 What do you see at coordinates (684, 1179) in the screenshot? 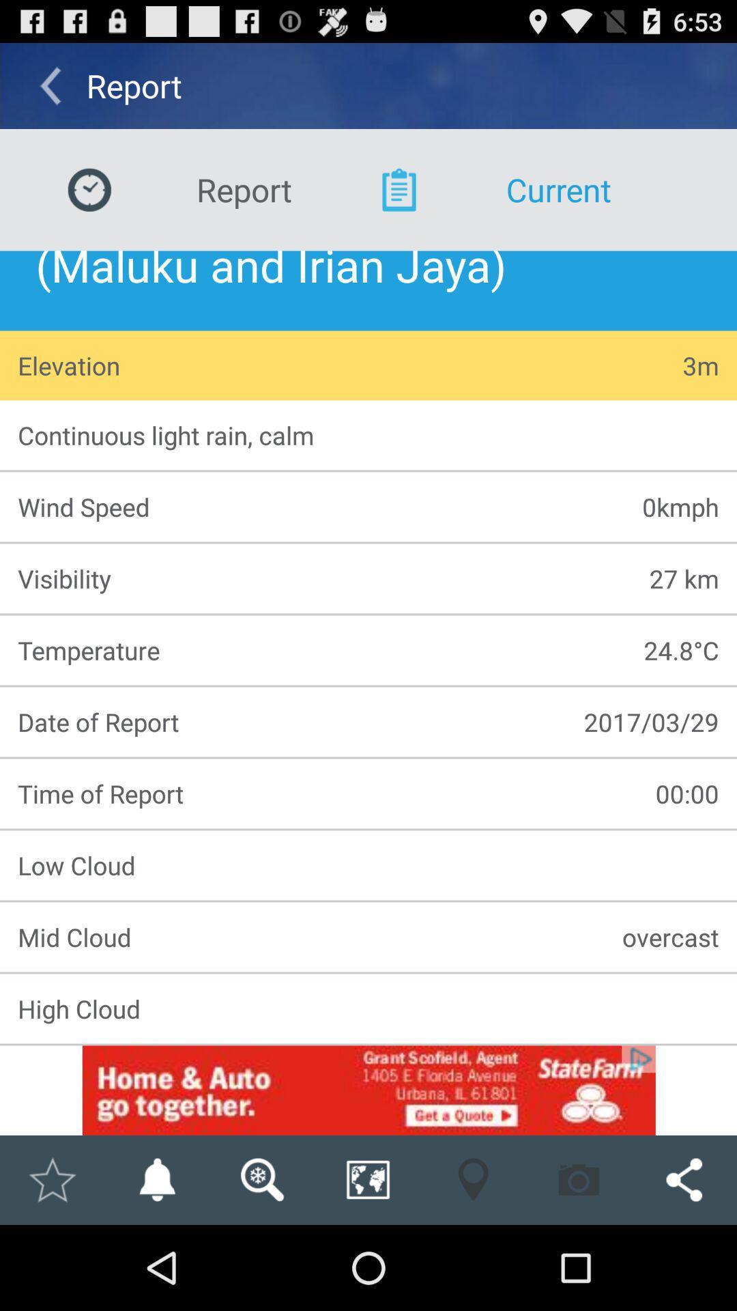
I see `share the option` at bounding box center [684, 1179].